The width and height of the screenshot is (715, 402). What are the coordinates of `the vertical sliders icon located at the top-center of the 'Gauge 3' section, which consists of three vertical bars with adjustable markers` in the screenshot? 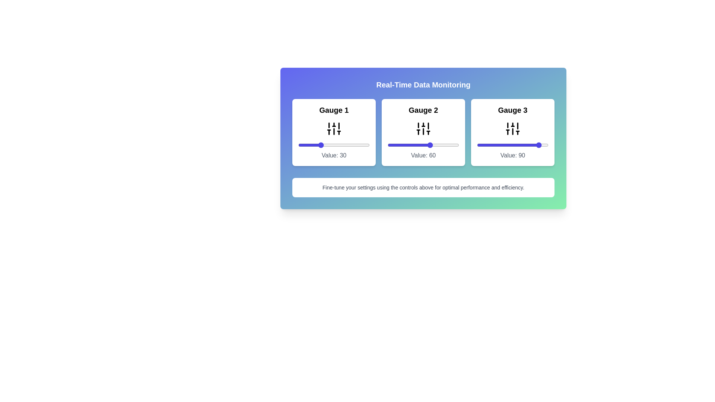 It's located at (512, 128).